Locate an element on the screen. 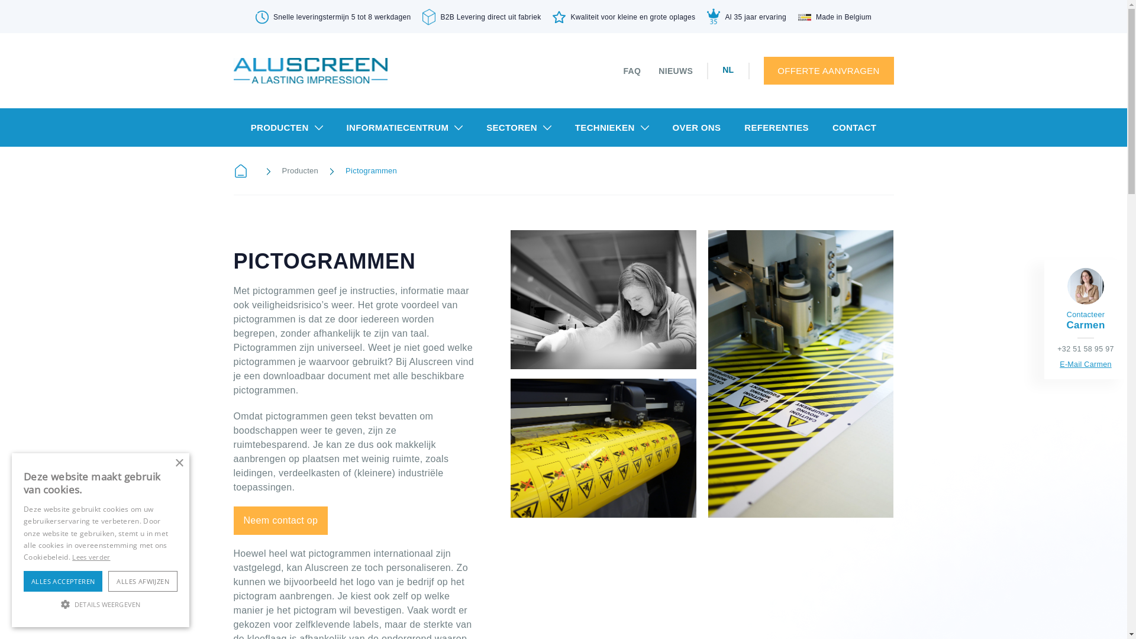 This screenshot has width=1136, height=639. 'REFERENTIES' is located at coordinates (776, 127).